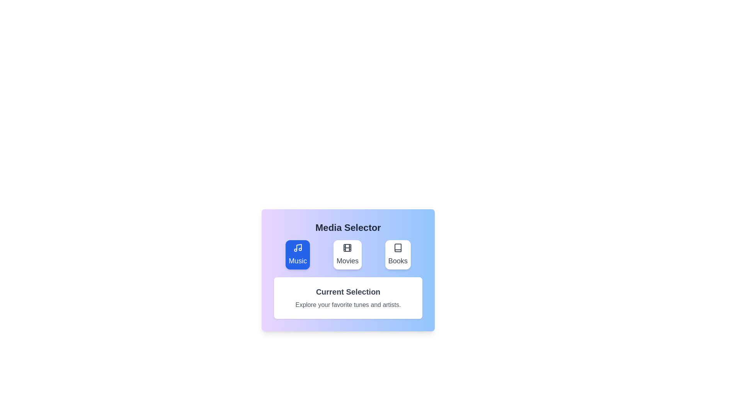 The width and height of the screenshot is (742, 417). What do you see at coordinates (347, 247) in the screenshot?
I see `the central SVG graphic shape of the Movies selection icon located at the top center of the Media Selector interface` at bounding box center [347, 247].